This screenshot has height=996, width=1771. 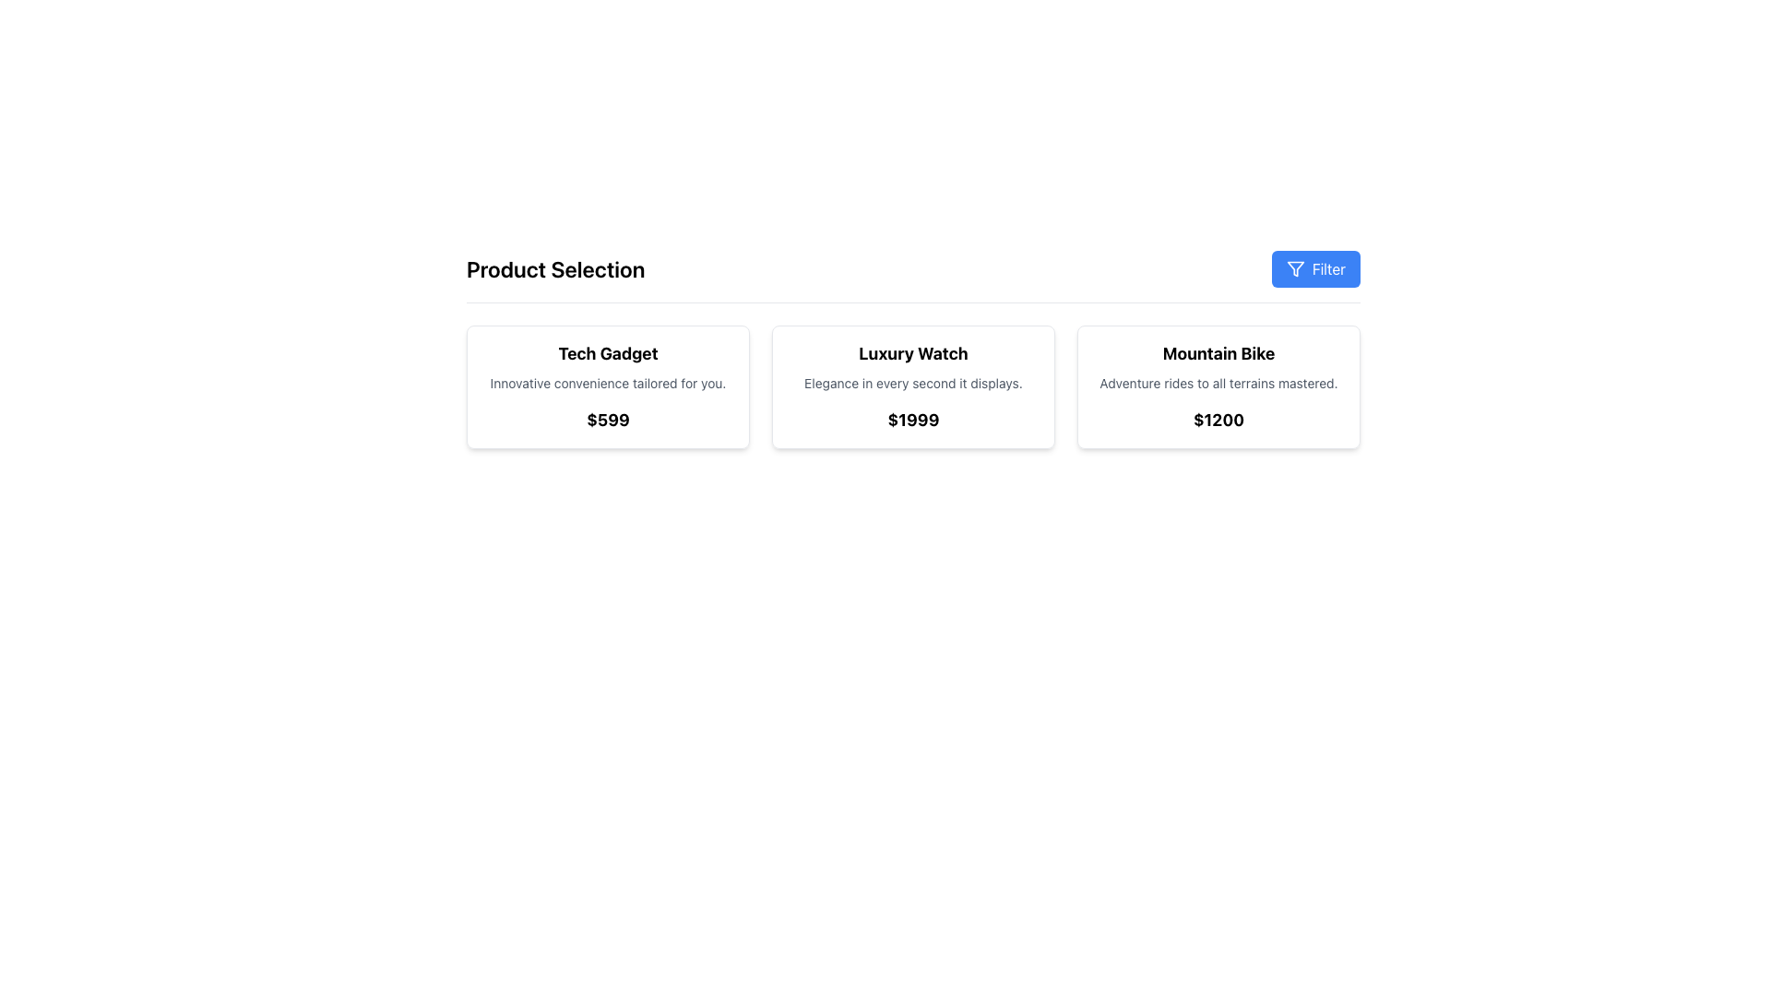 What do you see at coordinates (1218, 354) in the screenshot?
I see `the title text element 'Mountain Bike' which is displayed in a bold and large font style within its product card, located at the top of the card` at bounding box center [1218, 354].